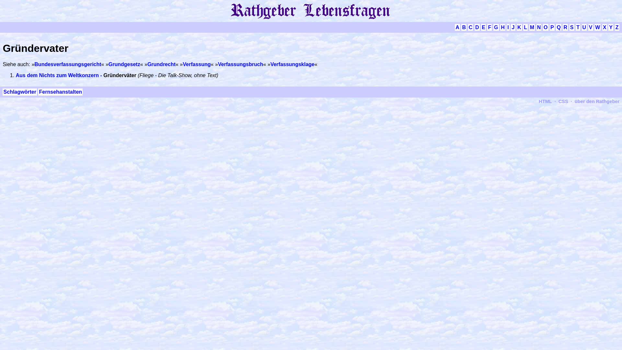 Image resolution: width=622 pixels, height=350 pixels. What do you see at coordinates (545, 27) in the screenshot?
I see `'O'` at bounding box center [545, 27].